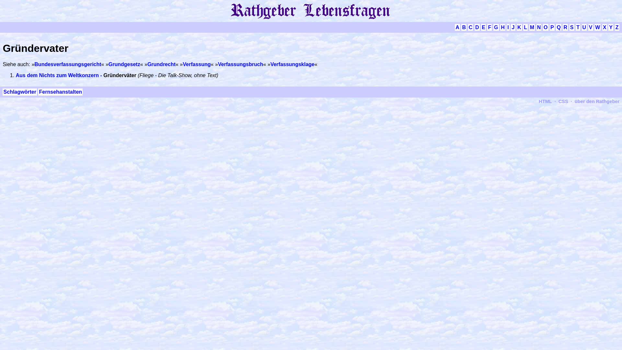 Image resolution: width=622 pixels, height=350 pixels. What do you see at coordinates (545, 27) in the screenshot?
I see `'O'` at bounding box center [545, 27].